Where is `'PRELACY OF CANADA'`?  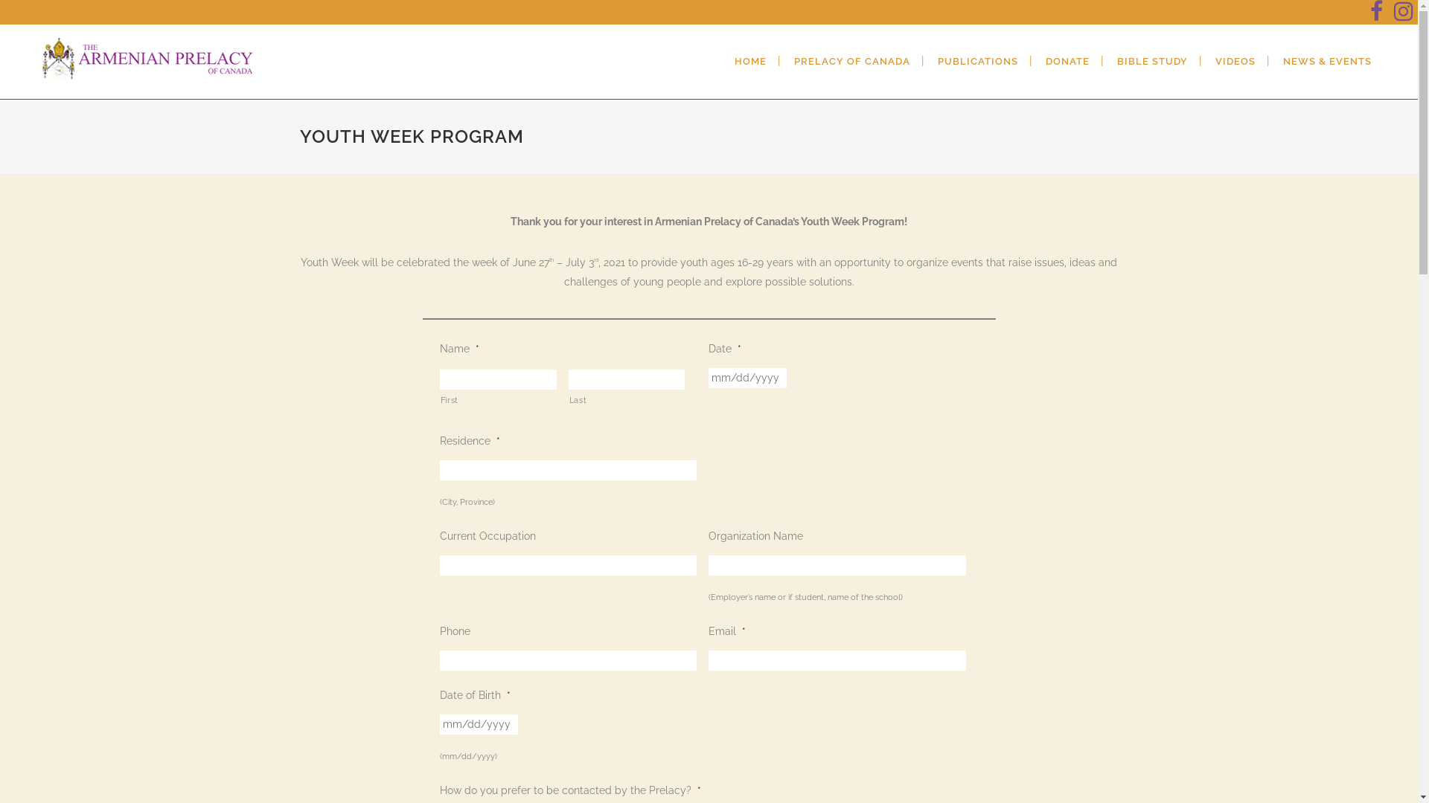
'PRELACY OF CANADA' is located at coordinates (852, 61).